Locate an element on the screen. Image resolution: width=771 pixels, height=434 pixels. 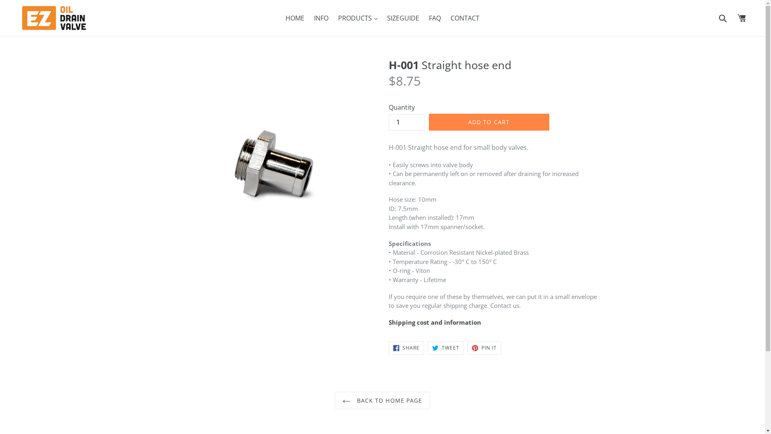
'Submit' is located at coordinates (717, 18).